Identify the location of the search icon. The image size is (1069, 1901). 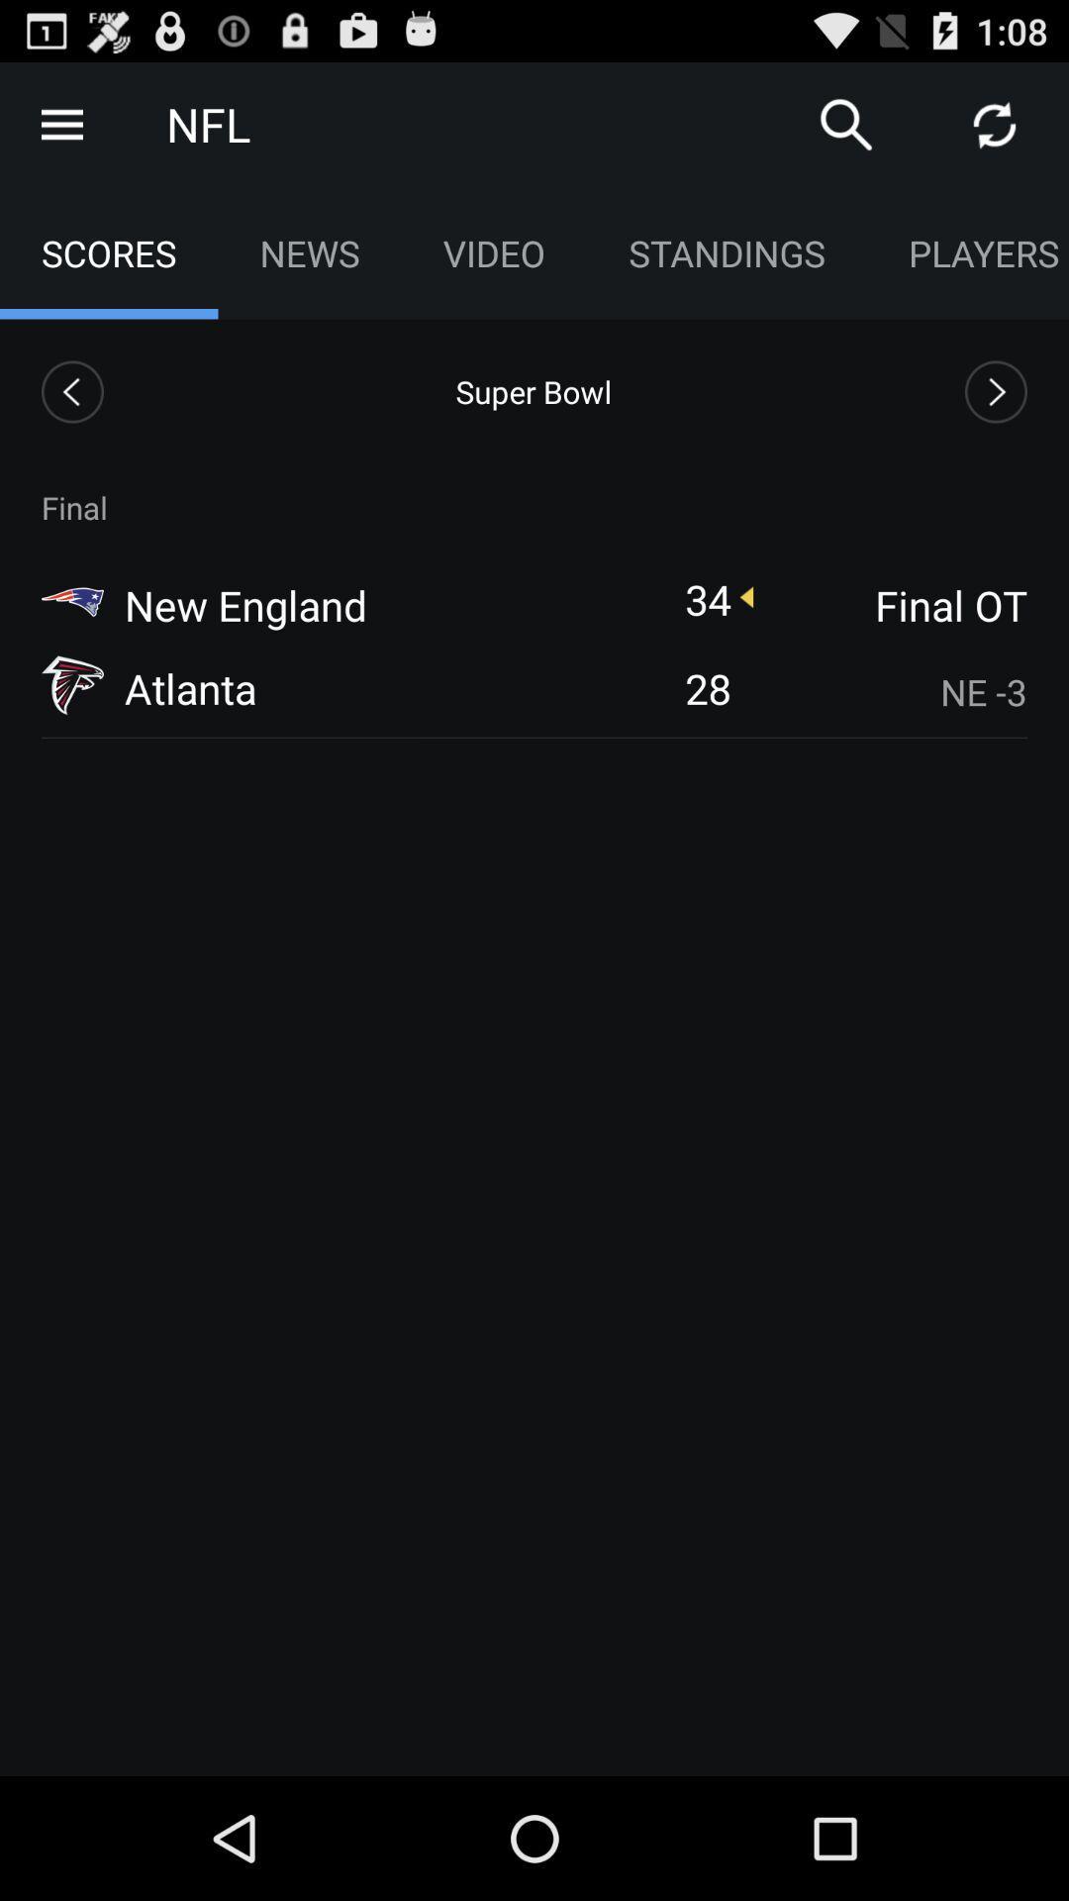
(846, 132).